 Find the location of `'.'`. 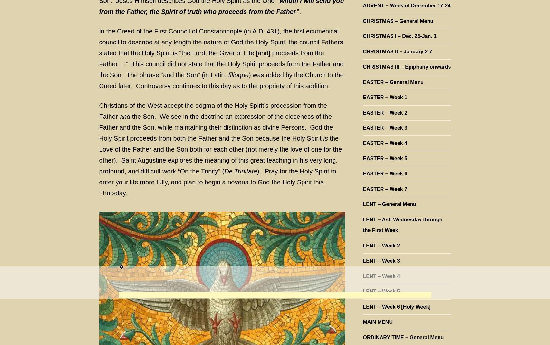

'.' is located at coordinates (299, 11).